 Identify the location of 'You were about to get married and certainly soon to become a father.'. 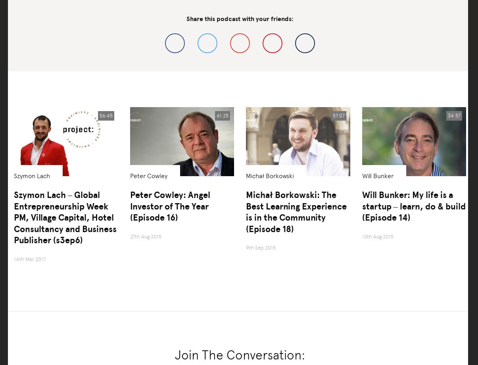
(156, 4).